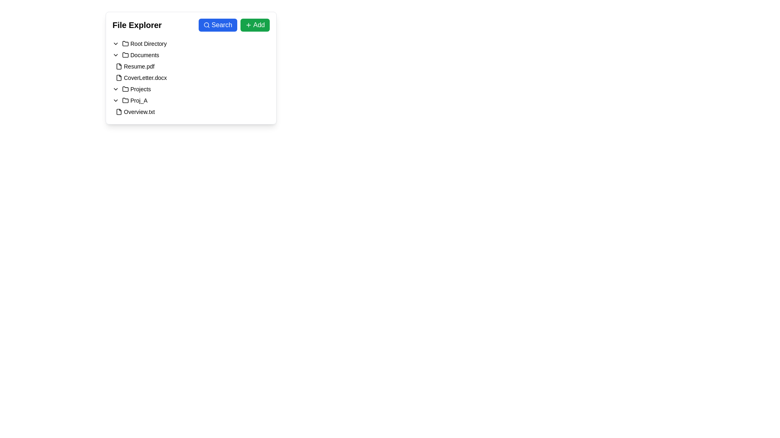 Image resolution: width=780 pixels, height=438 pixels. What do you see at coordinates (118, 112) in the screenshot?
I see `the icon representing the file 'Overview.txt' located in the 'Proj_A' folder` at bounding box center [118, 112].